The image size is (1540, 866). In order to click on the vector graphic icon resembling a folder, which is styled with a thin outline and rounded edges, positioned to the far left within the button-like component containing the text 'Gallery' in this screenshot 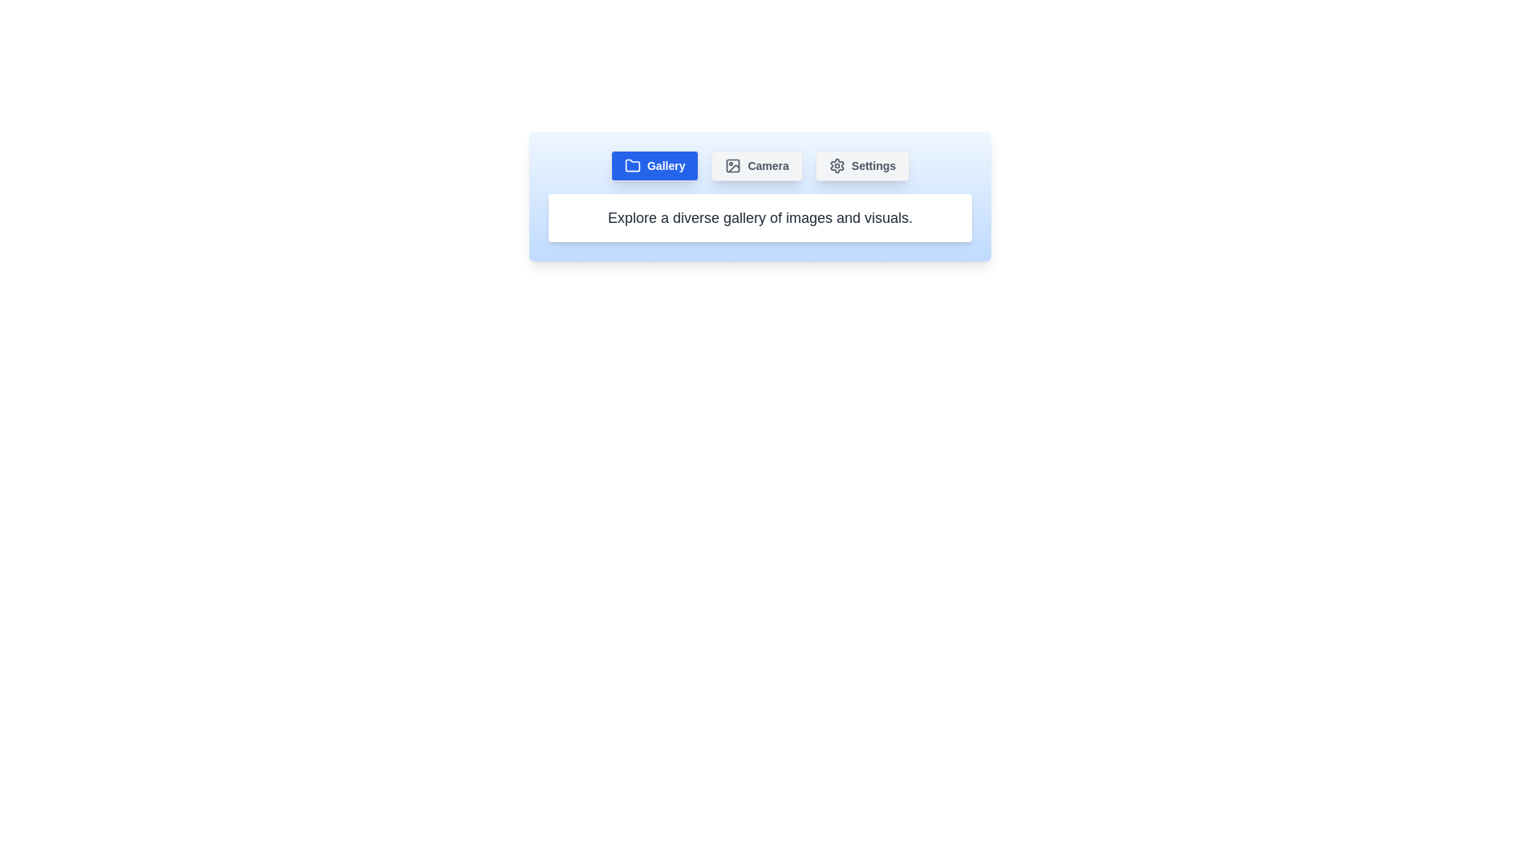, I will do `click(631, 166)`.